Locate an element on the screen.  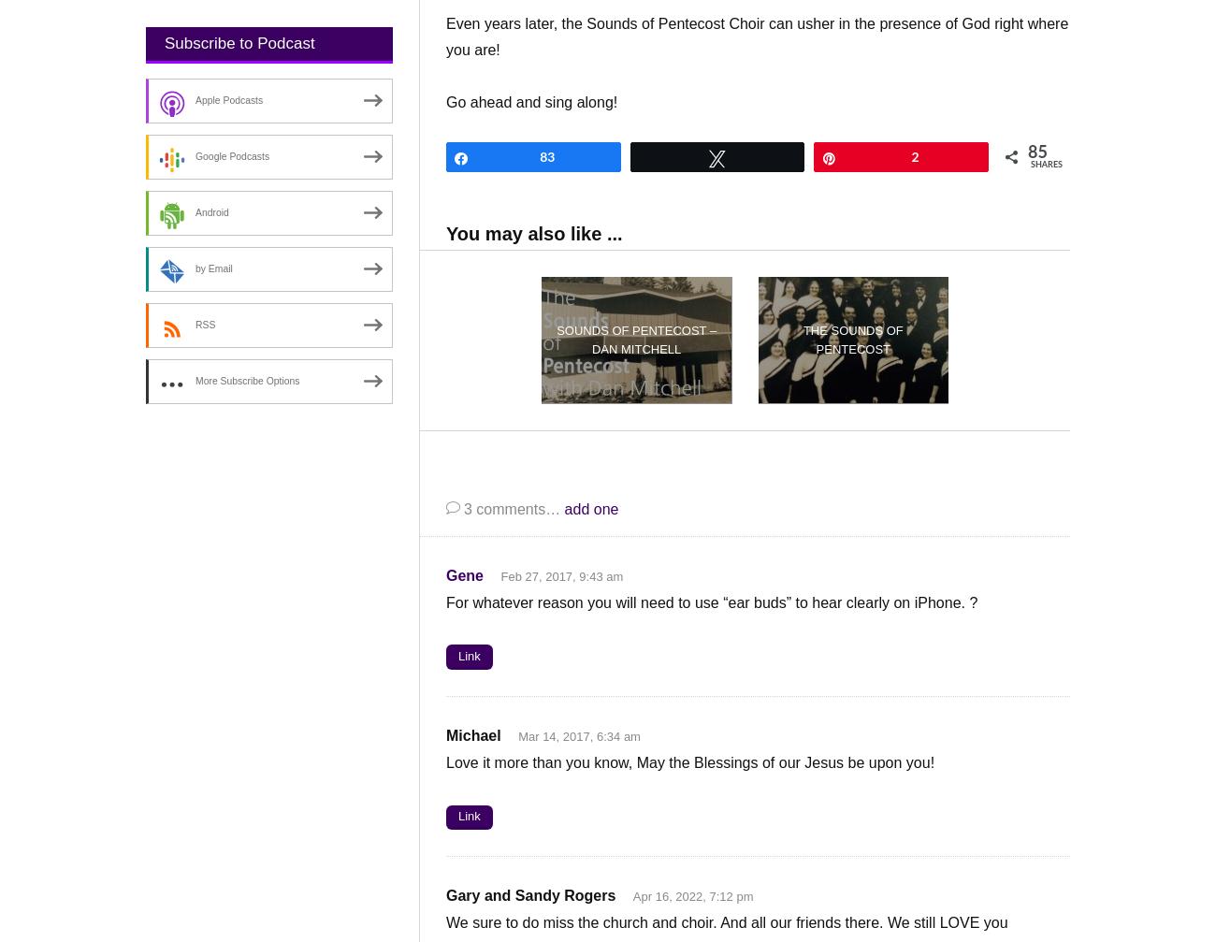
'Love it more than you know, May the Blessings of our Jesus be upon you!' is located at coordinates (690, 761).